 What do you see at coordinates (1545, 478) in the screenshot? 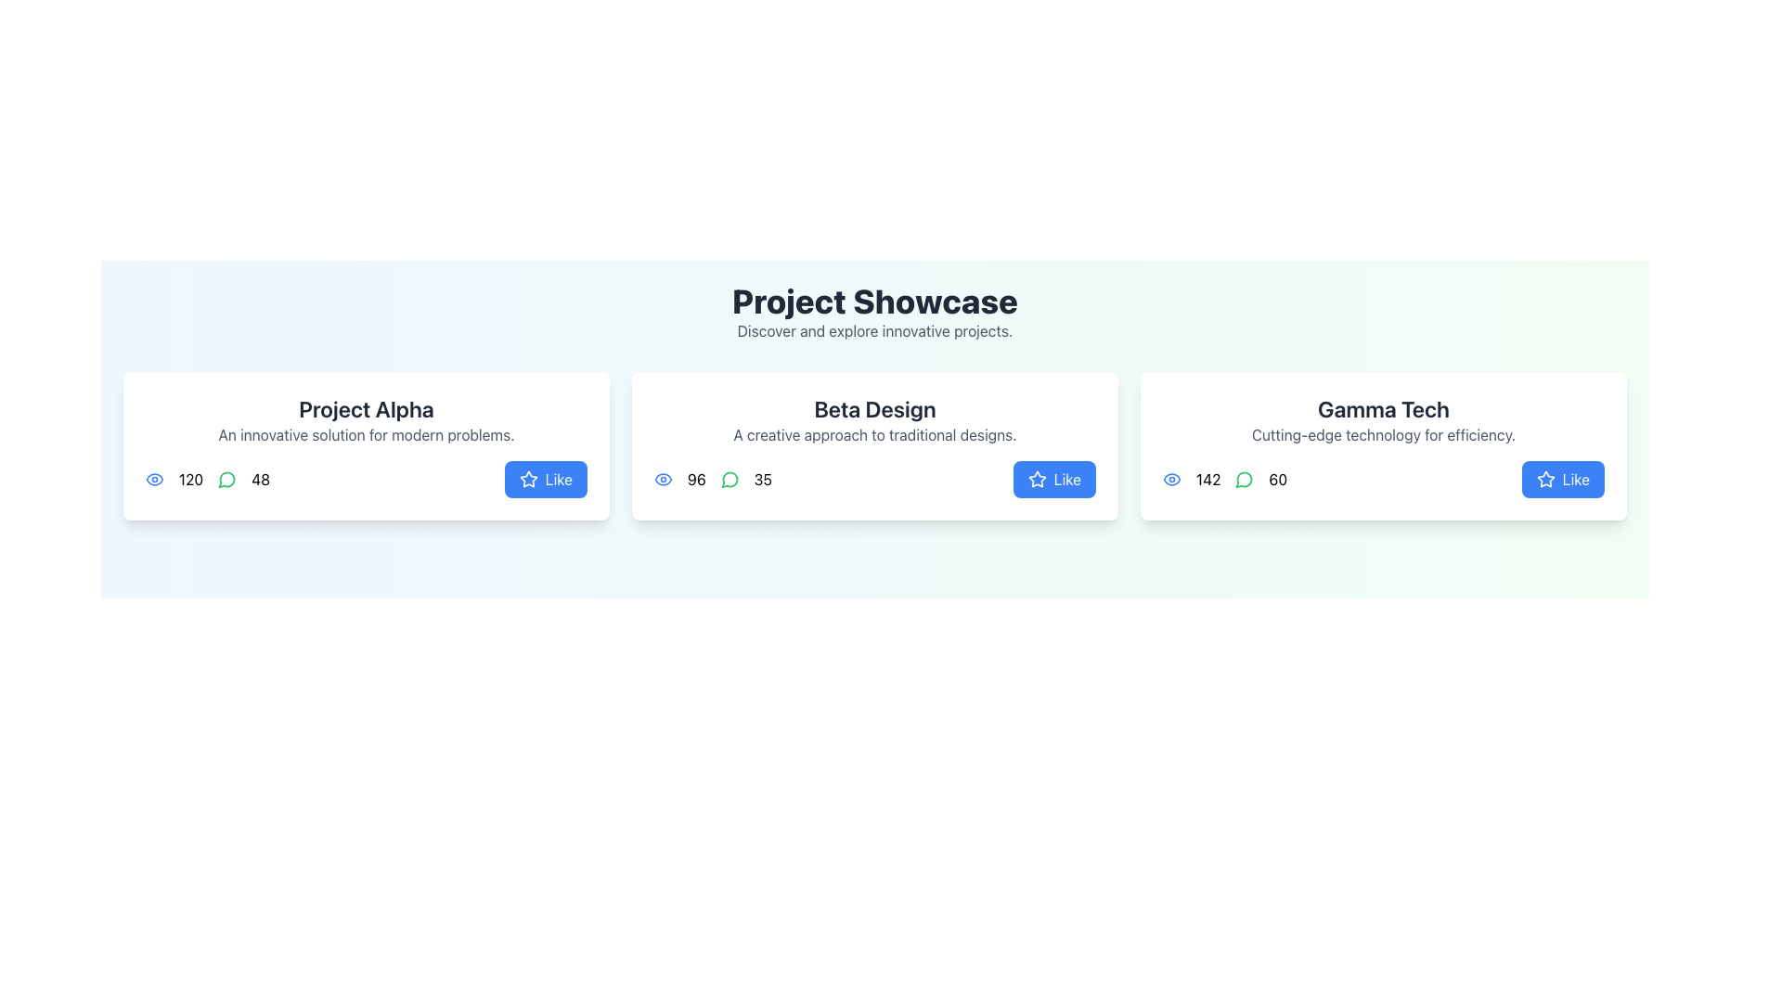
I see `the blue star-shaped icon located within the 'Like' button on the 'Gamma Tech' card, which is situated at the bottom right of the card` at bounding box center [1545, 478].